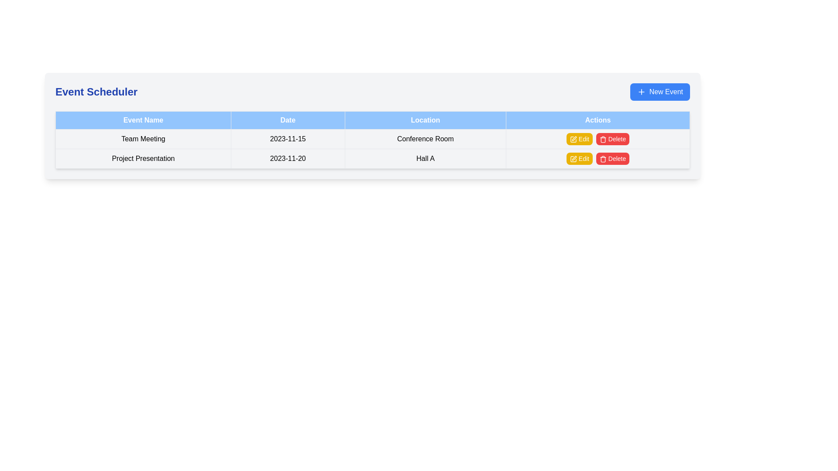  Describe the element at coordinates (573, 139) in the screenshot. I see `the pen icon located inside the yellow 'Edit' button in the 'Actions' column of the second row of the table to observe the hover effects` at that location.